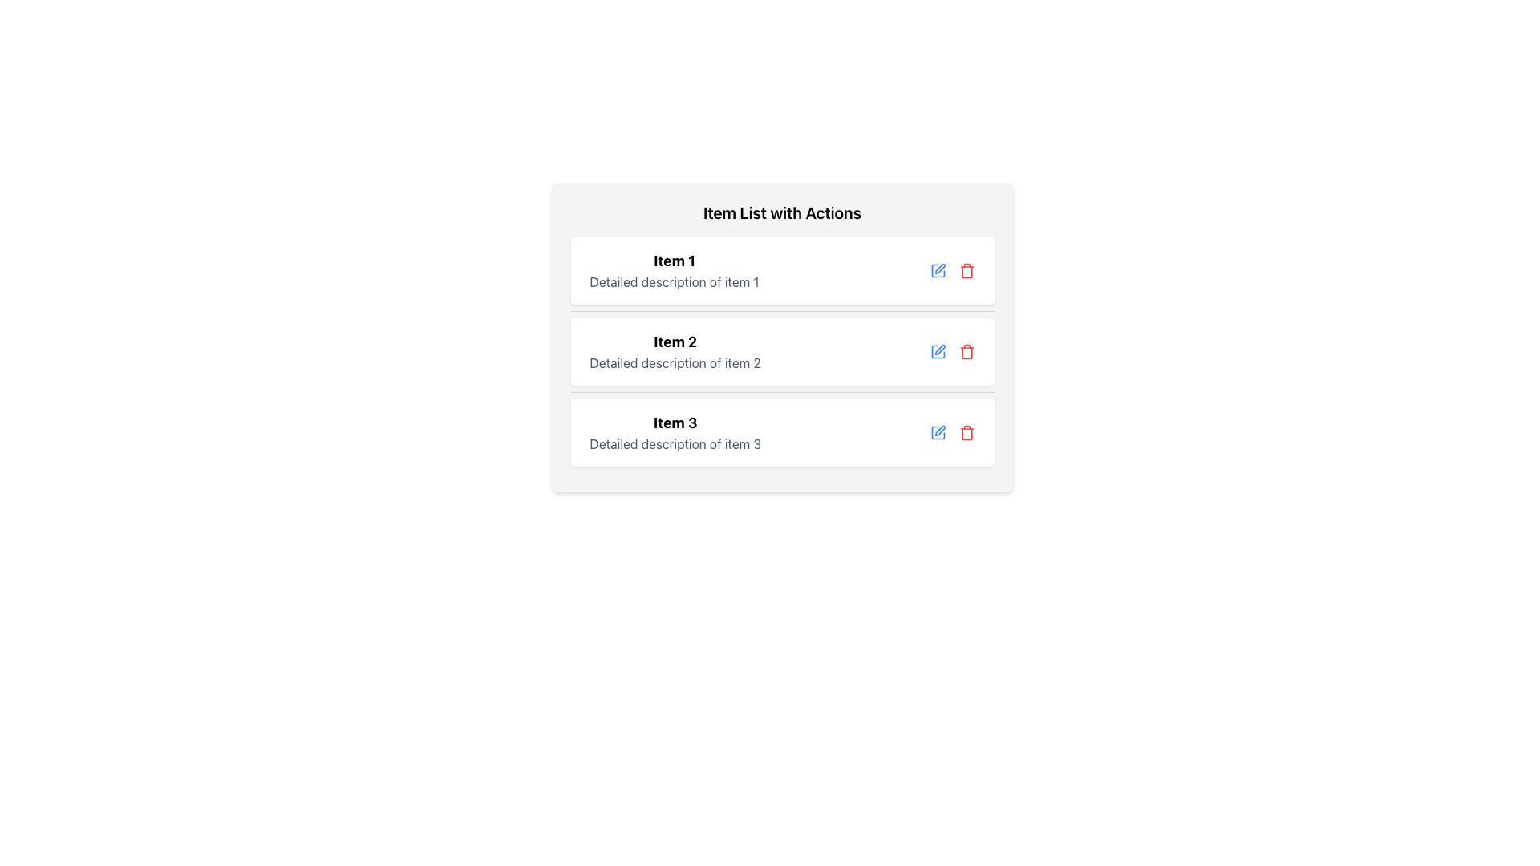 Image resolution: width=1540 pixels, height=866 pixels. I want to click on the bold text label 'Item 2' which is prominently displayed above the detailed description text, so click(675, 342).